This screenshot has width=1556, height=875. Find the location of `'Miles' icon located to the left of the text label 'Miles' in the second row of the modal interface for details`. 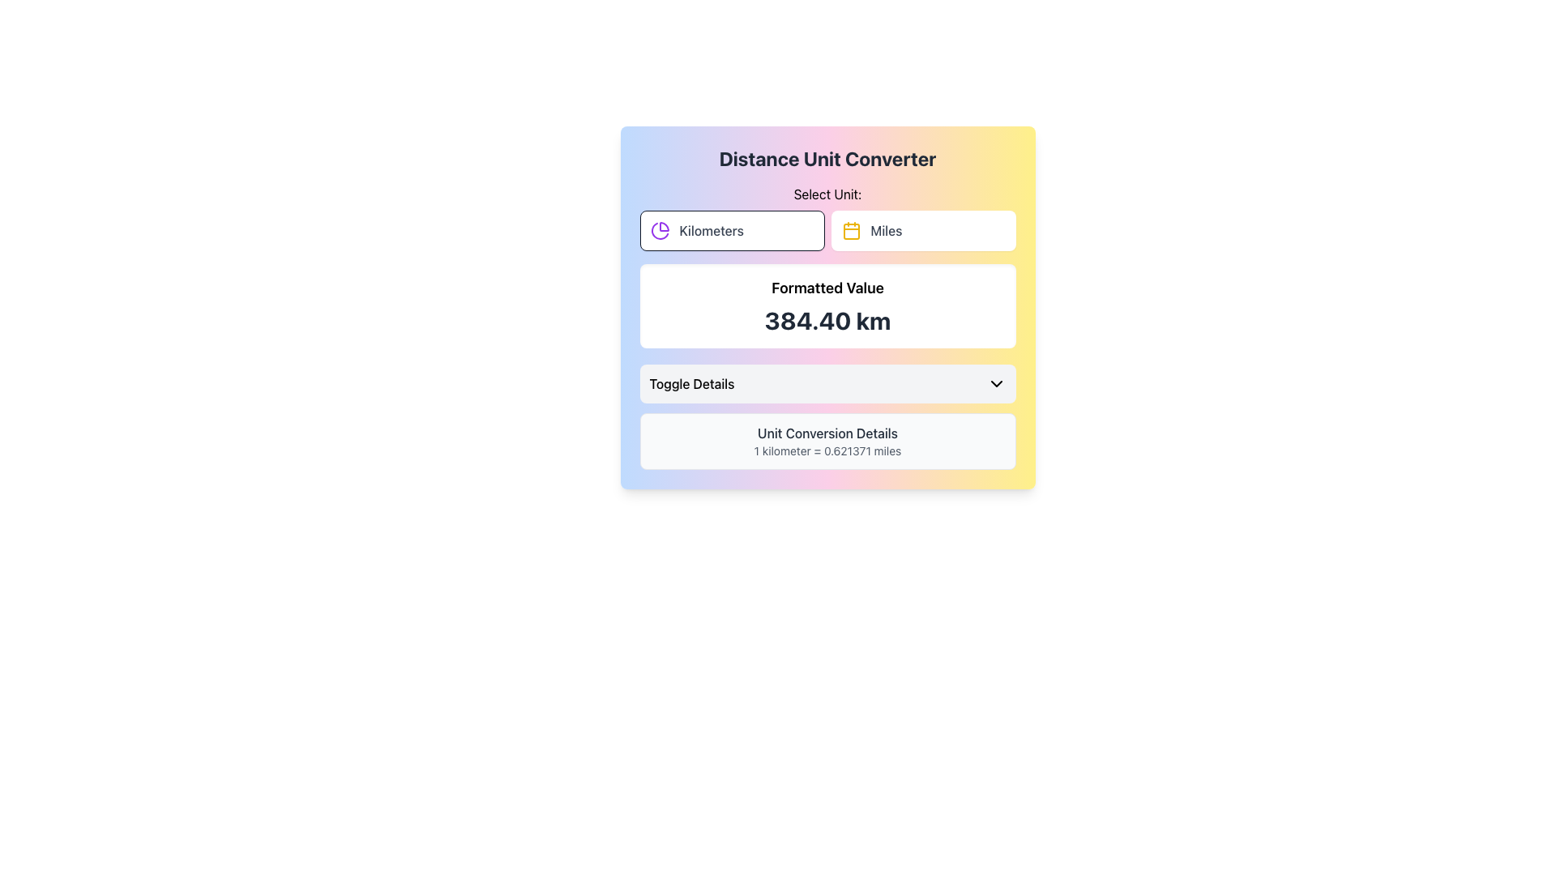

'Miles' icon located to the left of the text label 'Miles' in the second row of the modal interface for details is located at coordinates (850, 231).